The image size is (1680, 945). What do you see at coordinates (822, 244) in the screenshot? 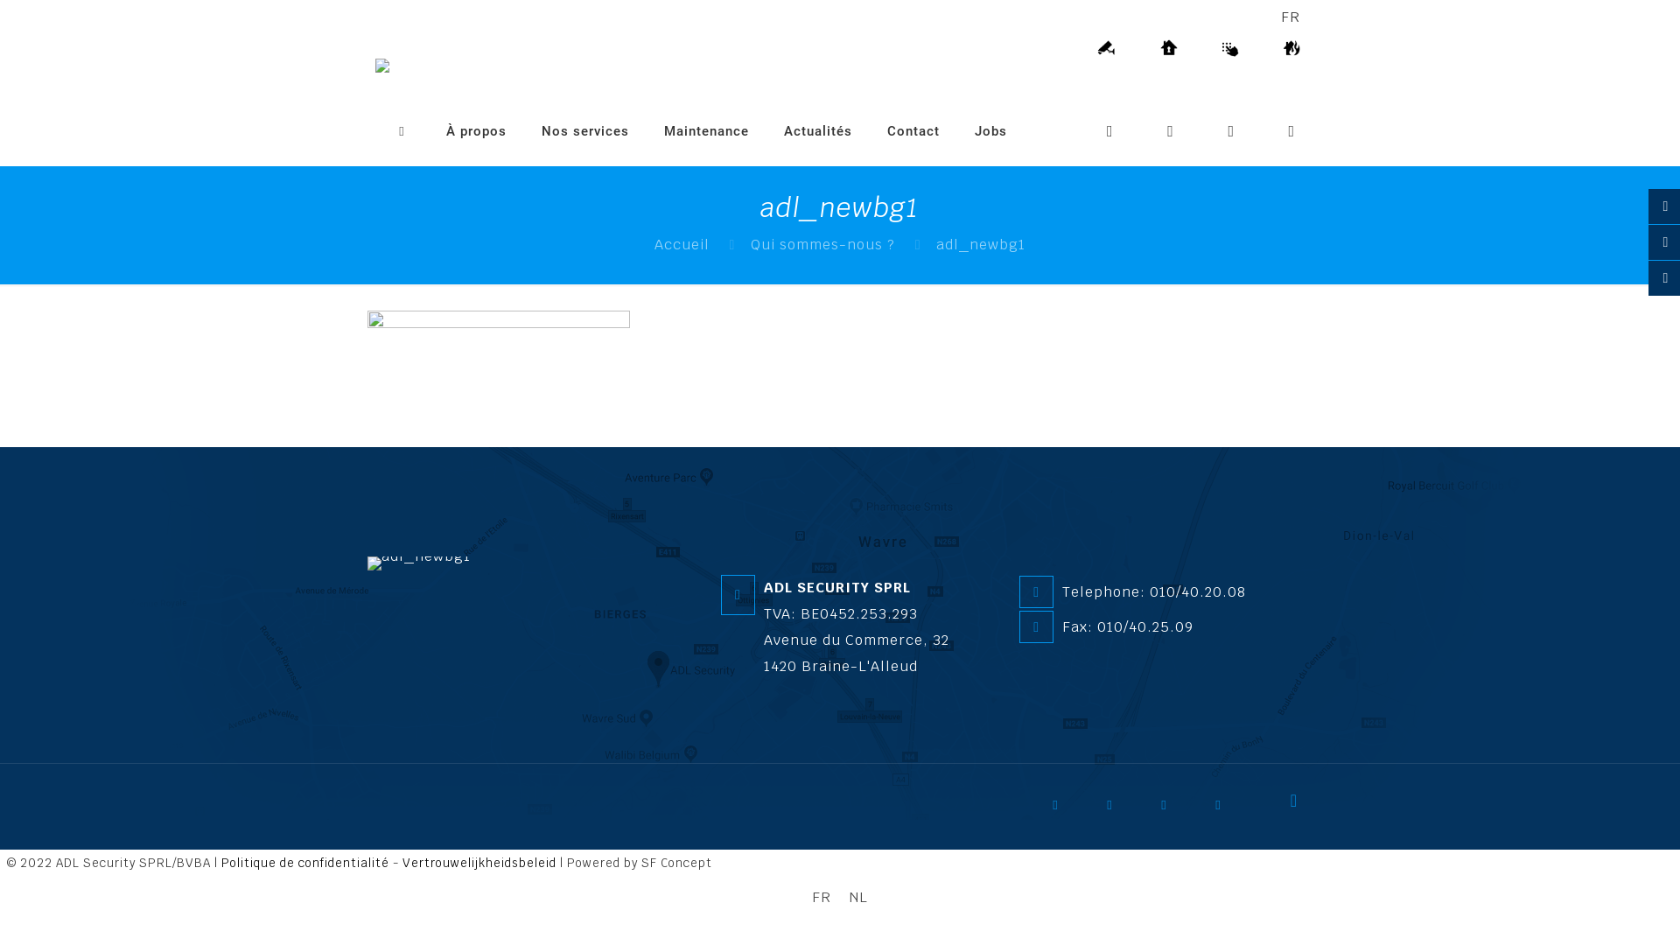
I see `'Qui sommes-nous ?'` at bounding box center [822, 244].